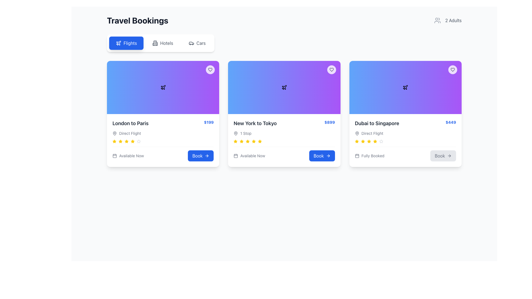  I want to click on the inactive booking button located at the bottom-right of the 'Dubai to Singapore' travel card, which is the only interactive item near the 'Fully Booked' status text, so click(443, 156).